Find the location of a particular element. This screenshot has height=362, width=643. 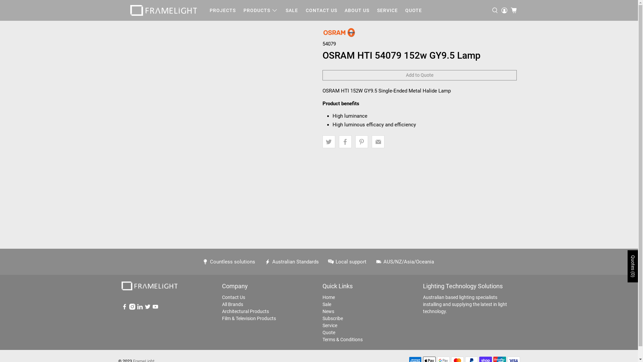

'QUOTE' is located at coordinates (413, 10).